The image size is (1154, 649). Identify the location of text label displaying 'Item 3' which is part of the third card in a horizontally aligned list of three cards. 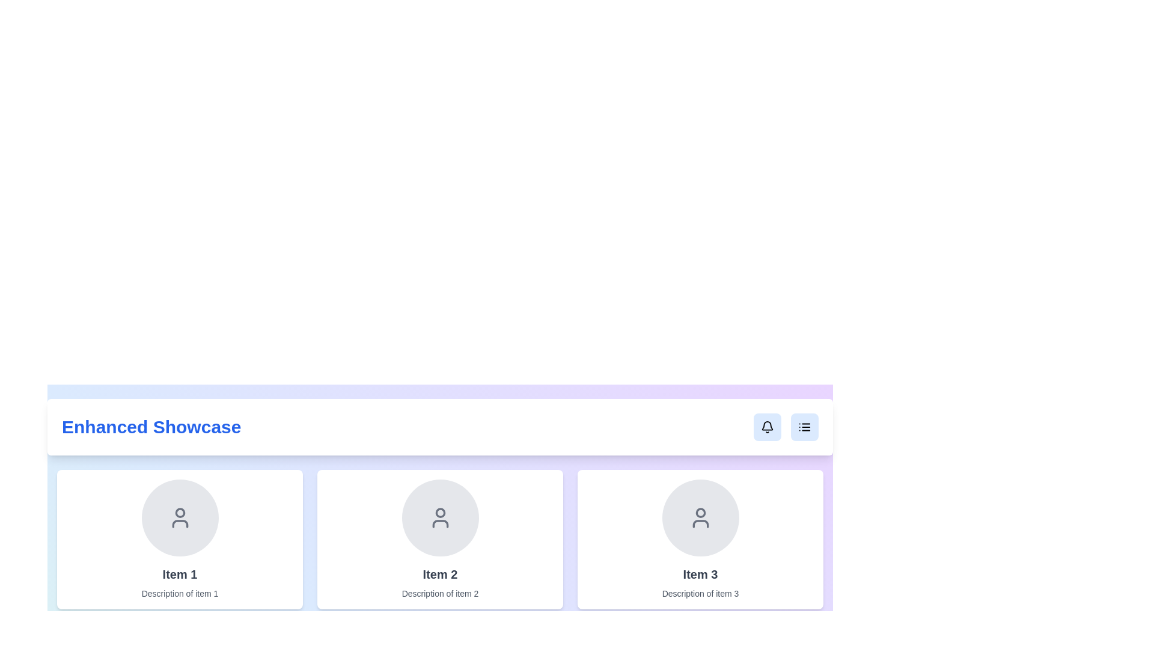
(700, 574).